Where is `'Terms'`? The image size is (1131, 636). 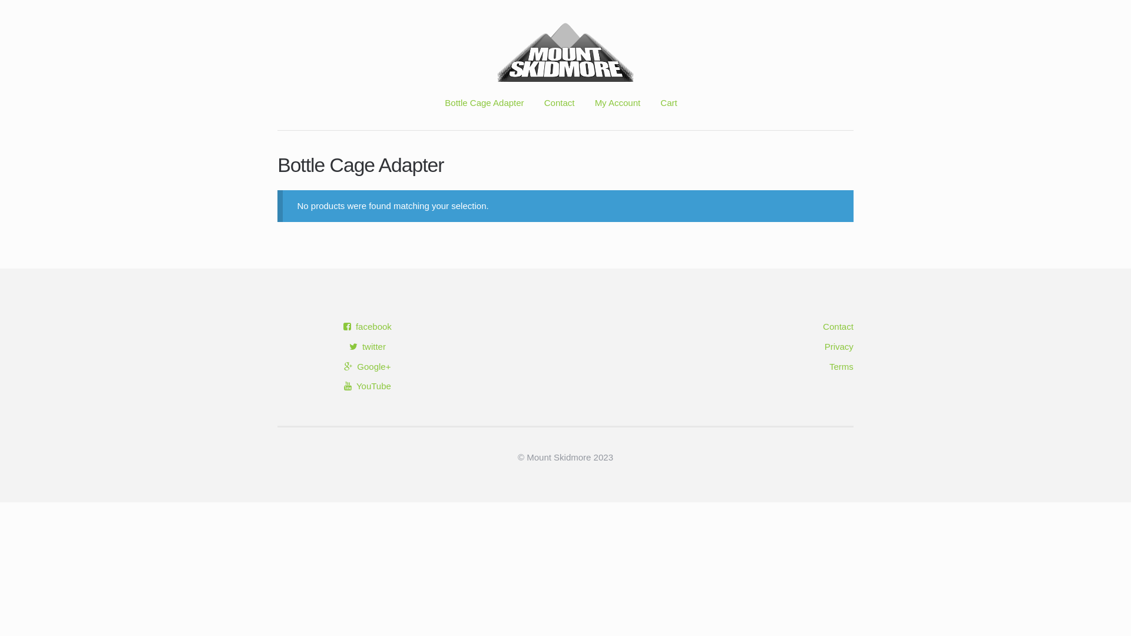 'Terms' is located at coordinates (841, 366).